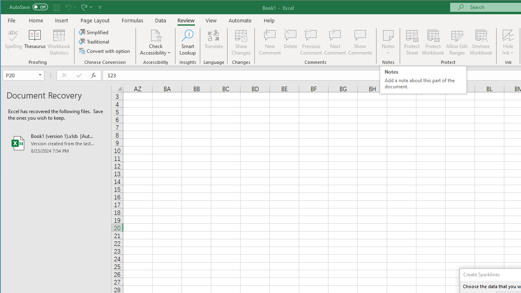  Describe the element at coordinates (94, 42) in the screenshot. I see `'Traditional'` at that location.